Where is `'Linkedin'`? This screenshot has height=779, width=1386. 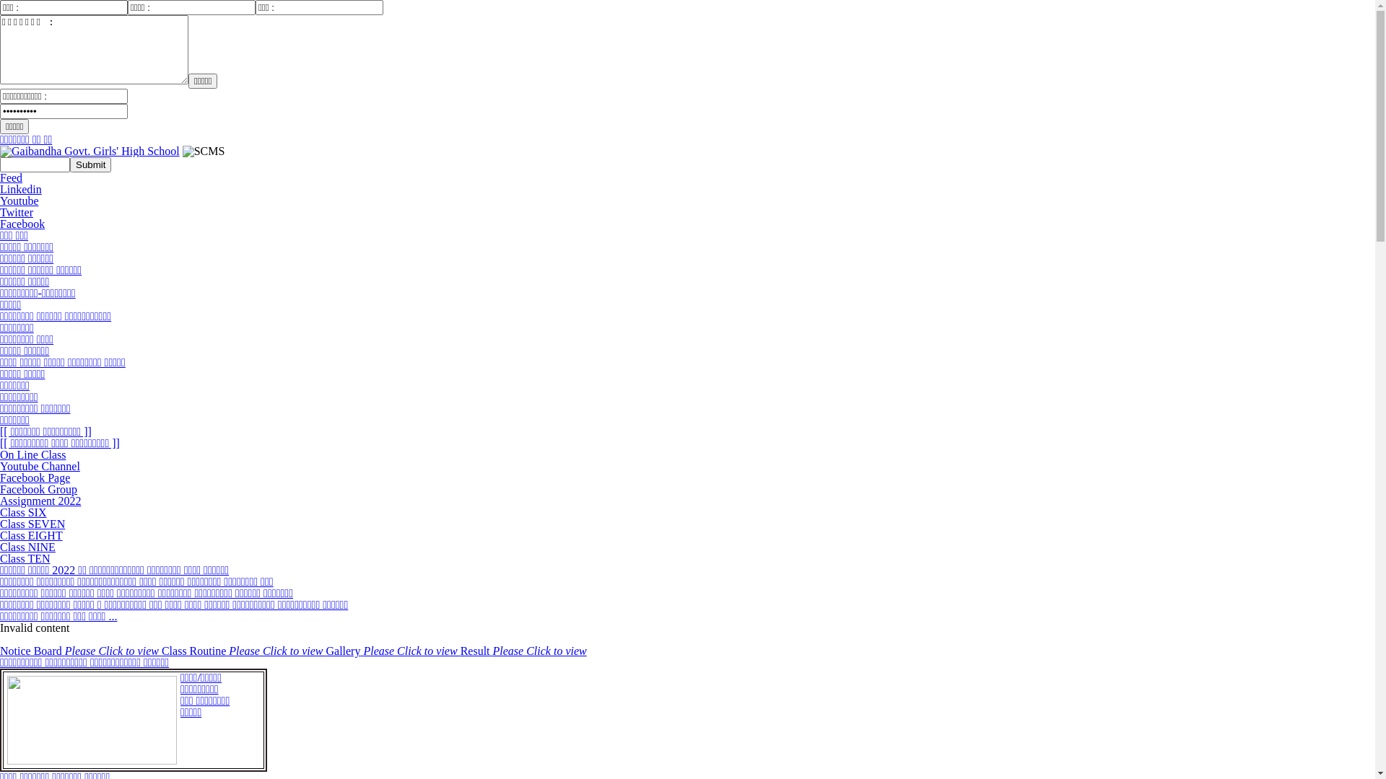 'Linkedin' is located at coordinates (20, 188).